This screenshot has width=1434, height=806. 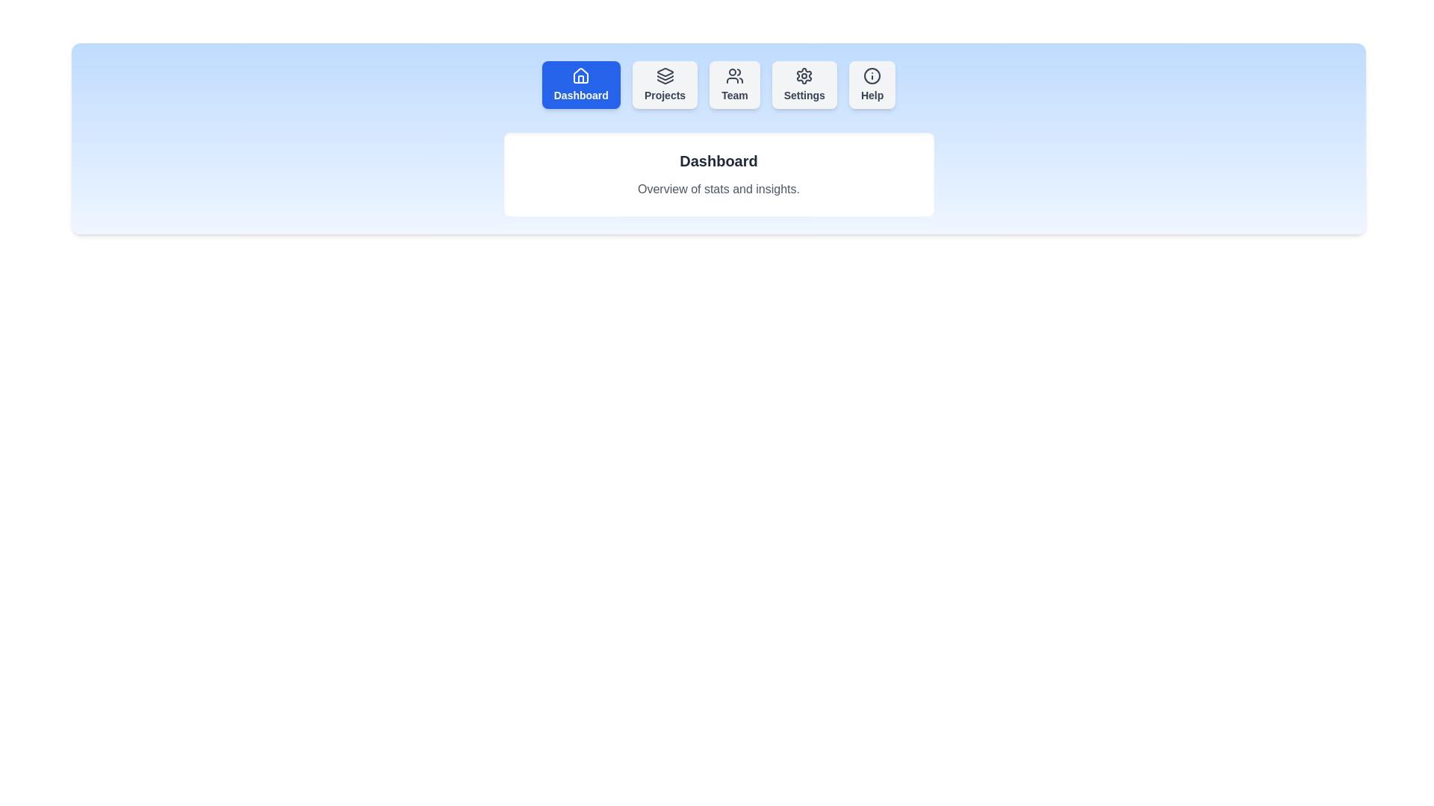 I want to click on the tab labeled Team, so click(x=734, y=85).